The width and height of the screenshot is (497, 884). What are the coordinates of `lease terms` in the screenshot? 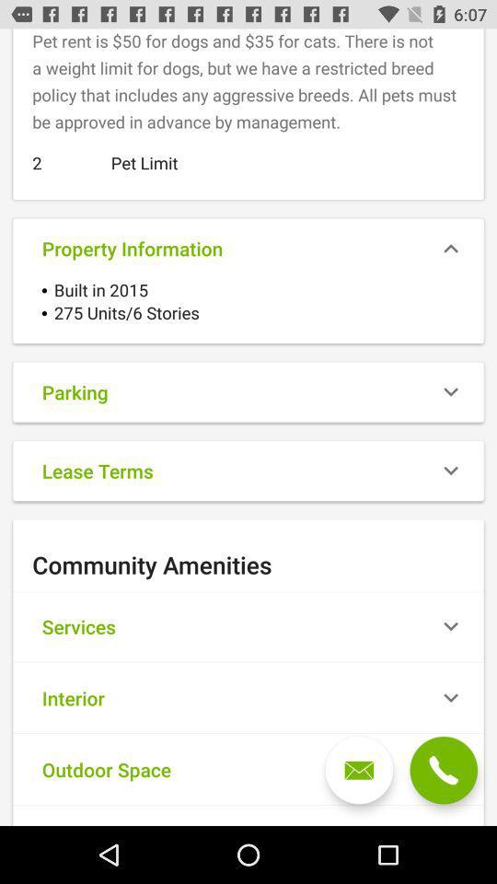 It's located at (248, 470).